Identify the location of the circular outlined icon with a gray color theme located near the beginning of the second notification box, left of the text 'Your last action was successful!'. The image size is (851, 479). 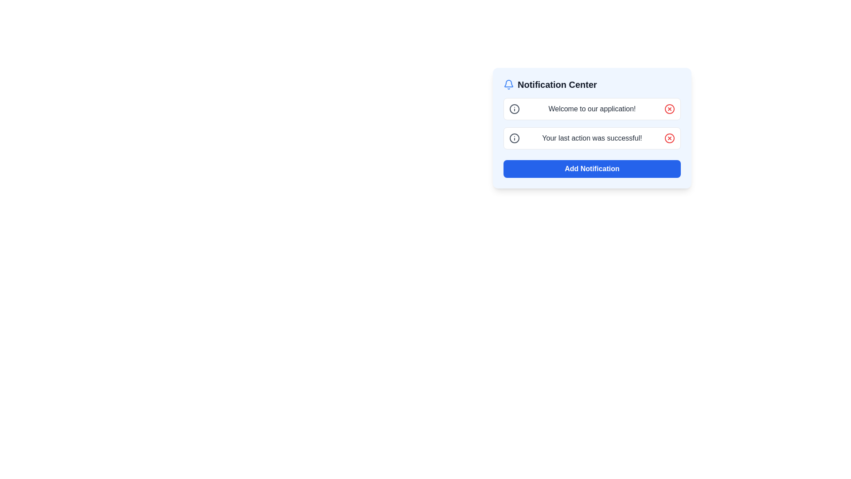
(515, 138).